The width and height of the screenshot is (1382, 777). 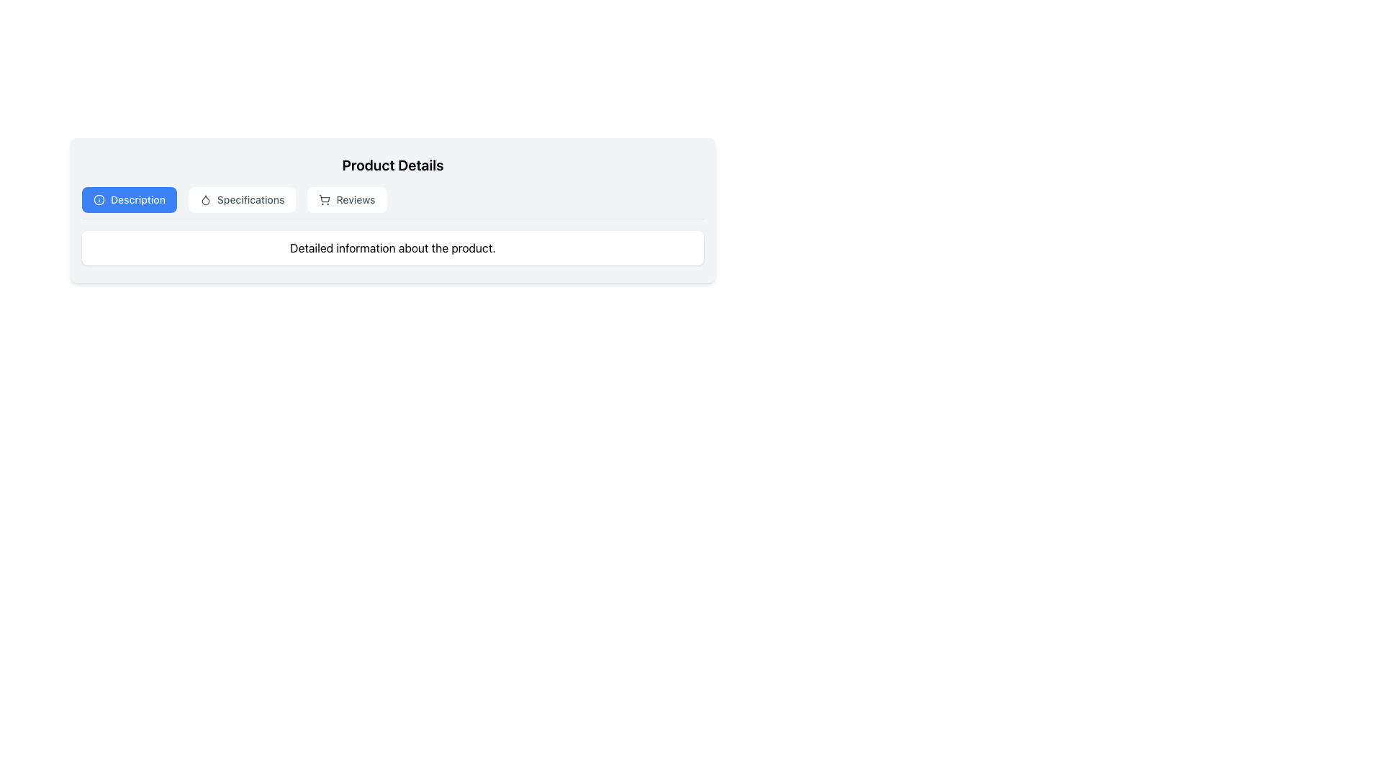 What do you see at coordinates (204, 200) in the screenshot?
I see `the visual design of the droplet-shaped icon located in the 'Specifications' tab of the 'Product Details' panel` at bounding box center [204, 200].